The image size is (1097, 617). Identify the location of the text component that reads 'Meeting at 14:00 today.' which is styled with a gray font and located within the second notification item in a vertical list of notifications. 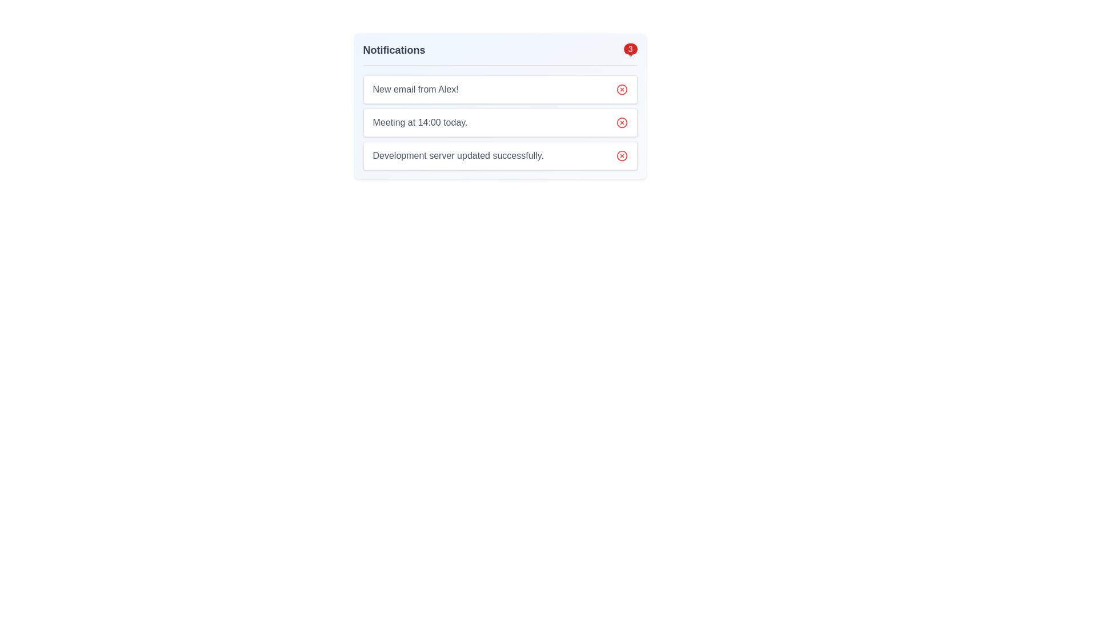
(419, 123).